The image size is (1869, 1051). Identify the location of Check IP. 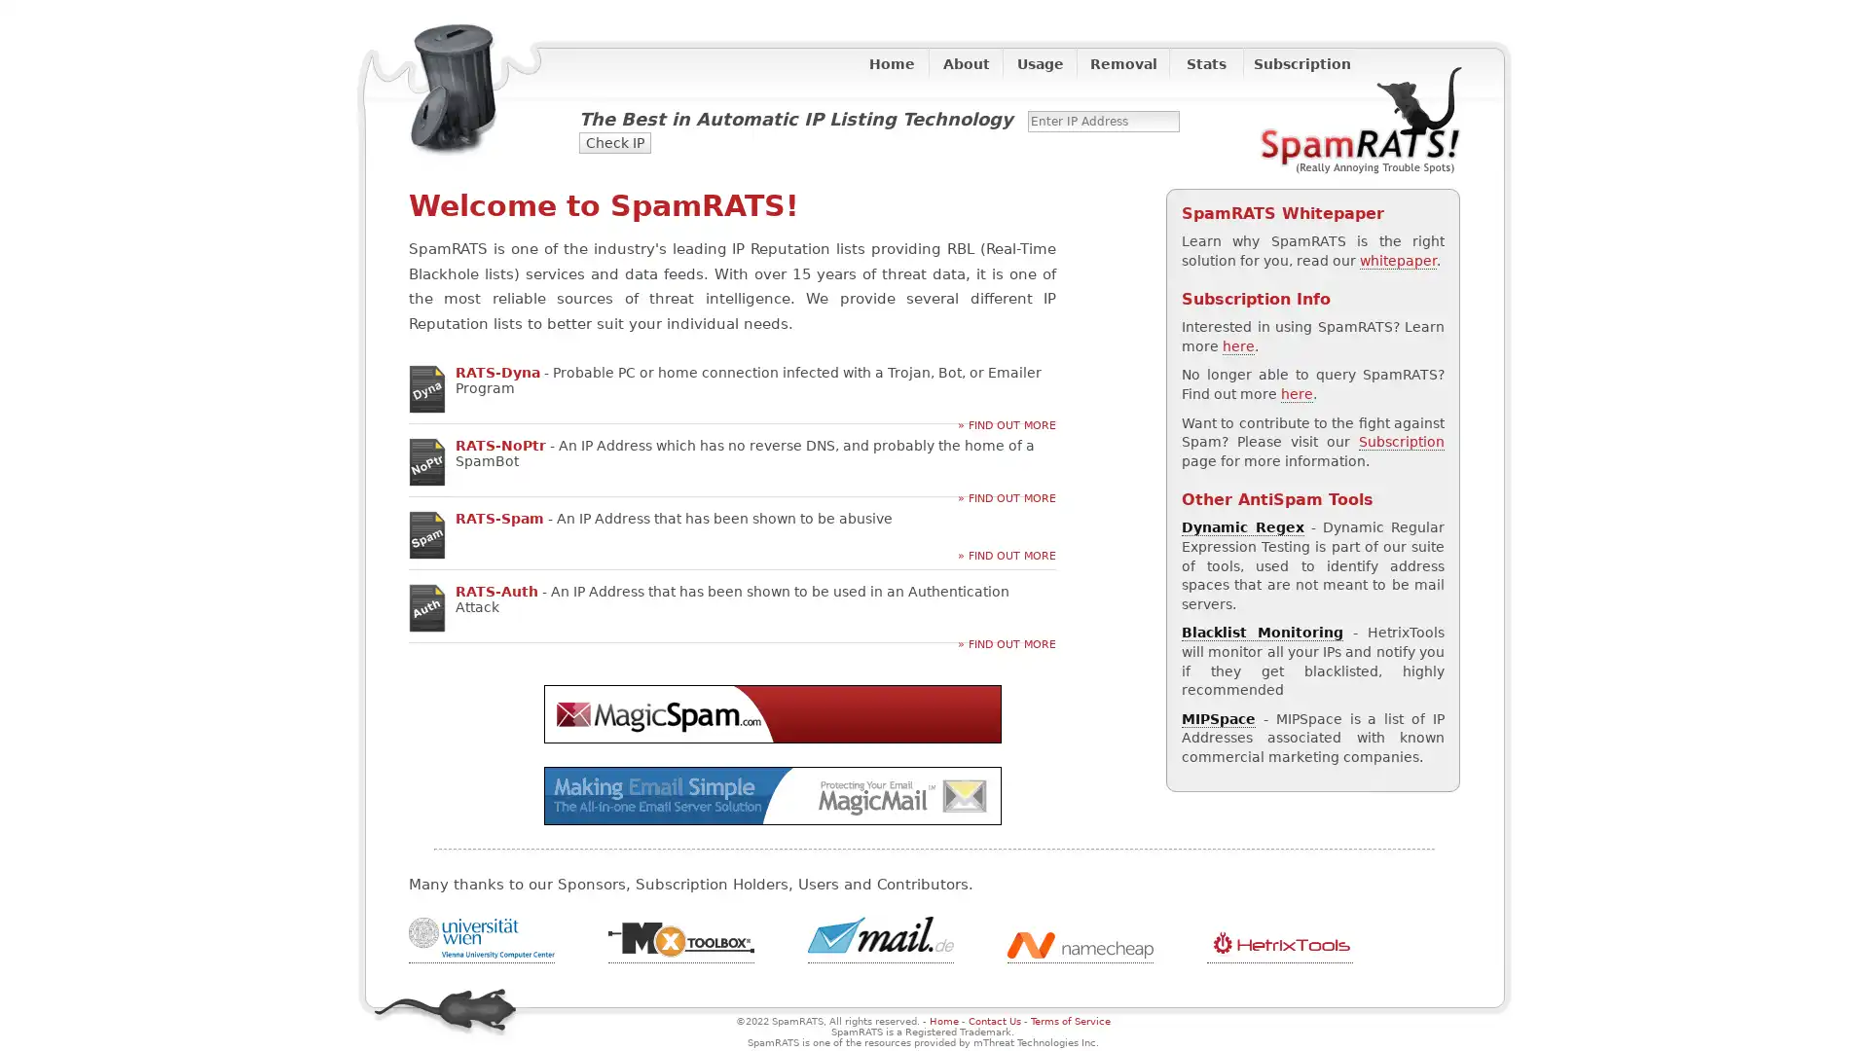
(614, 141).